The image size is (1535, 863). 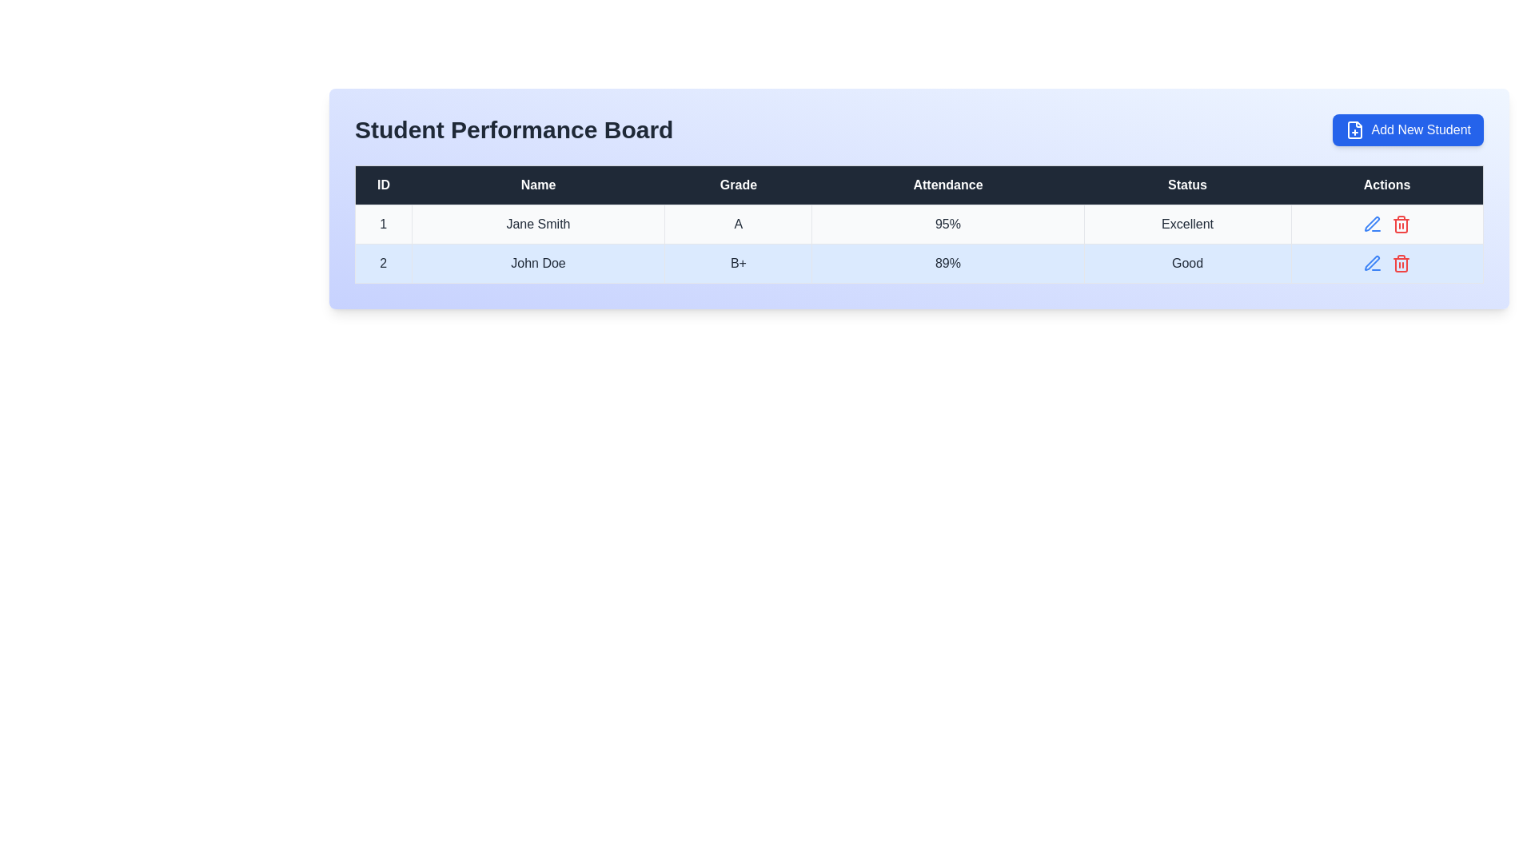 I want to click on static text element labeled 'Name' which is centrally aligned in the header row of the table, located between the 'ID' and 'Grade' columns, so click(x=538, y=184).